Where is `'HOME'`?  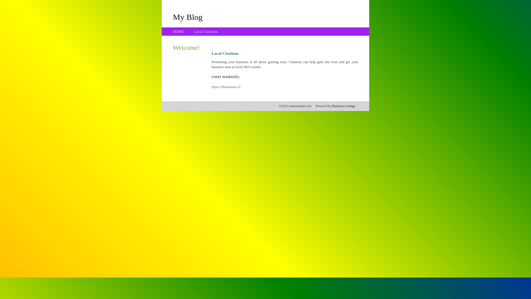 'HOME' is located at coordinates (178, 32).